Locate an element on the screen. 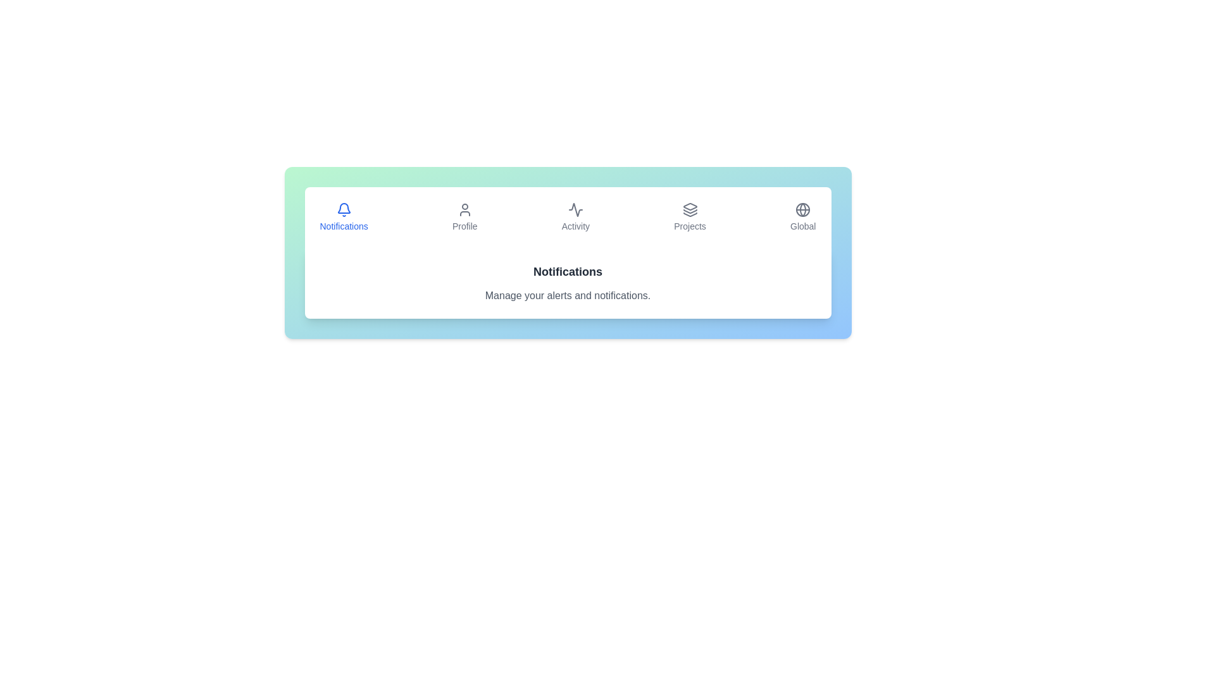  the Projects tab by clicking on its button is located at coordinates (689, 216).